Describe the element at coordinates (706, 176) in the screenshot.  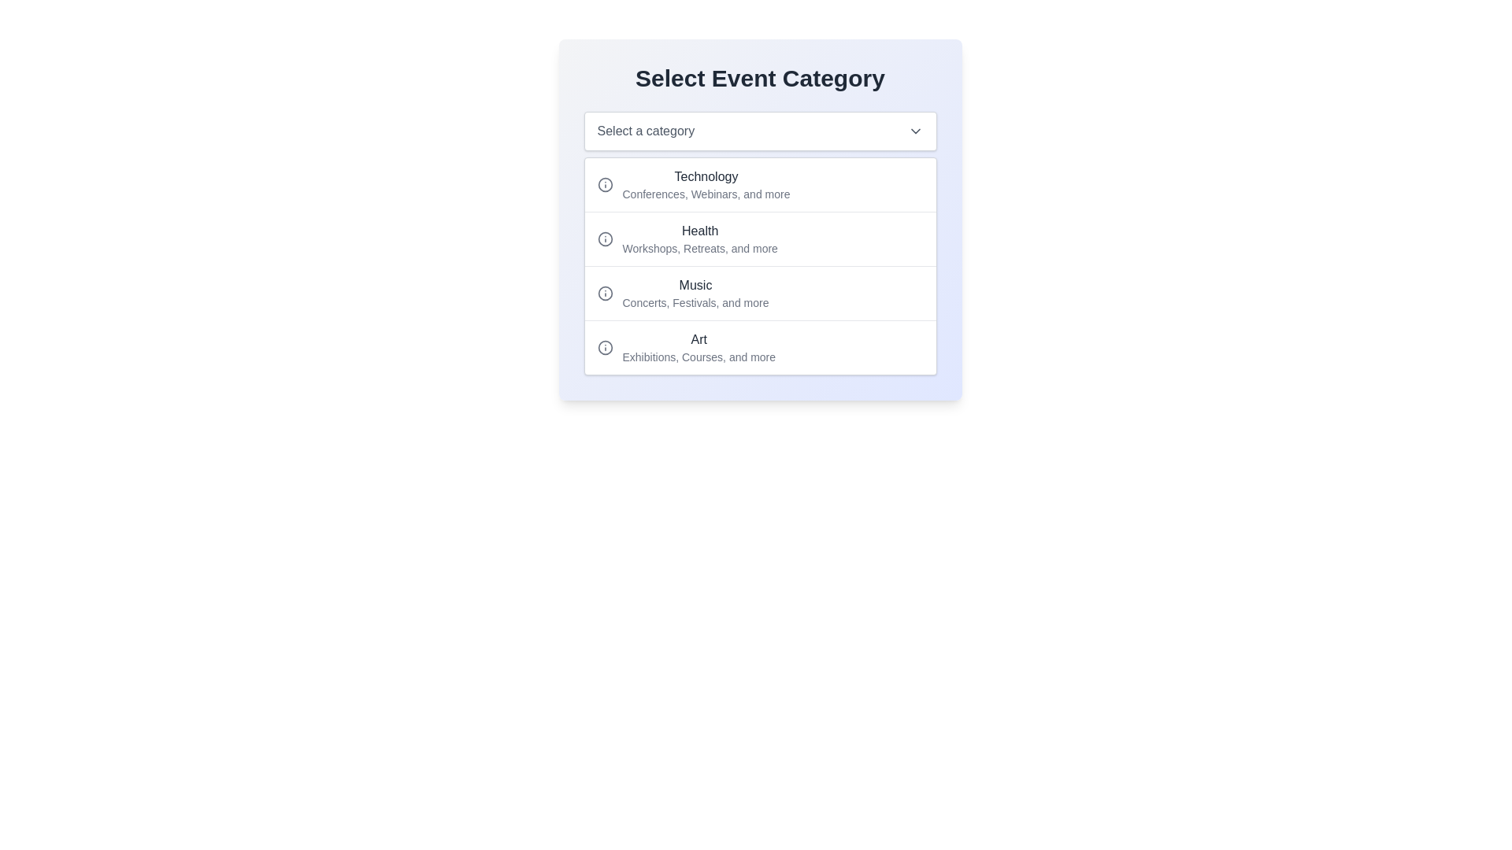
I see `the text label for the 'Technology' category, which serves as the title for the first selectable category in the event selection section` at that location.